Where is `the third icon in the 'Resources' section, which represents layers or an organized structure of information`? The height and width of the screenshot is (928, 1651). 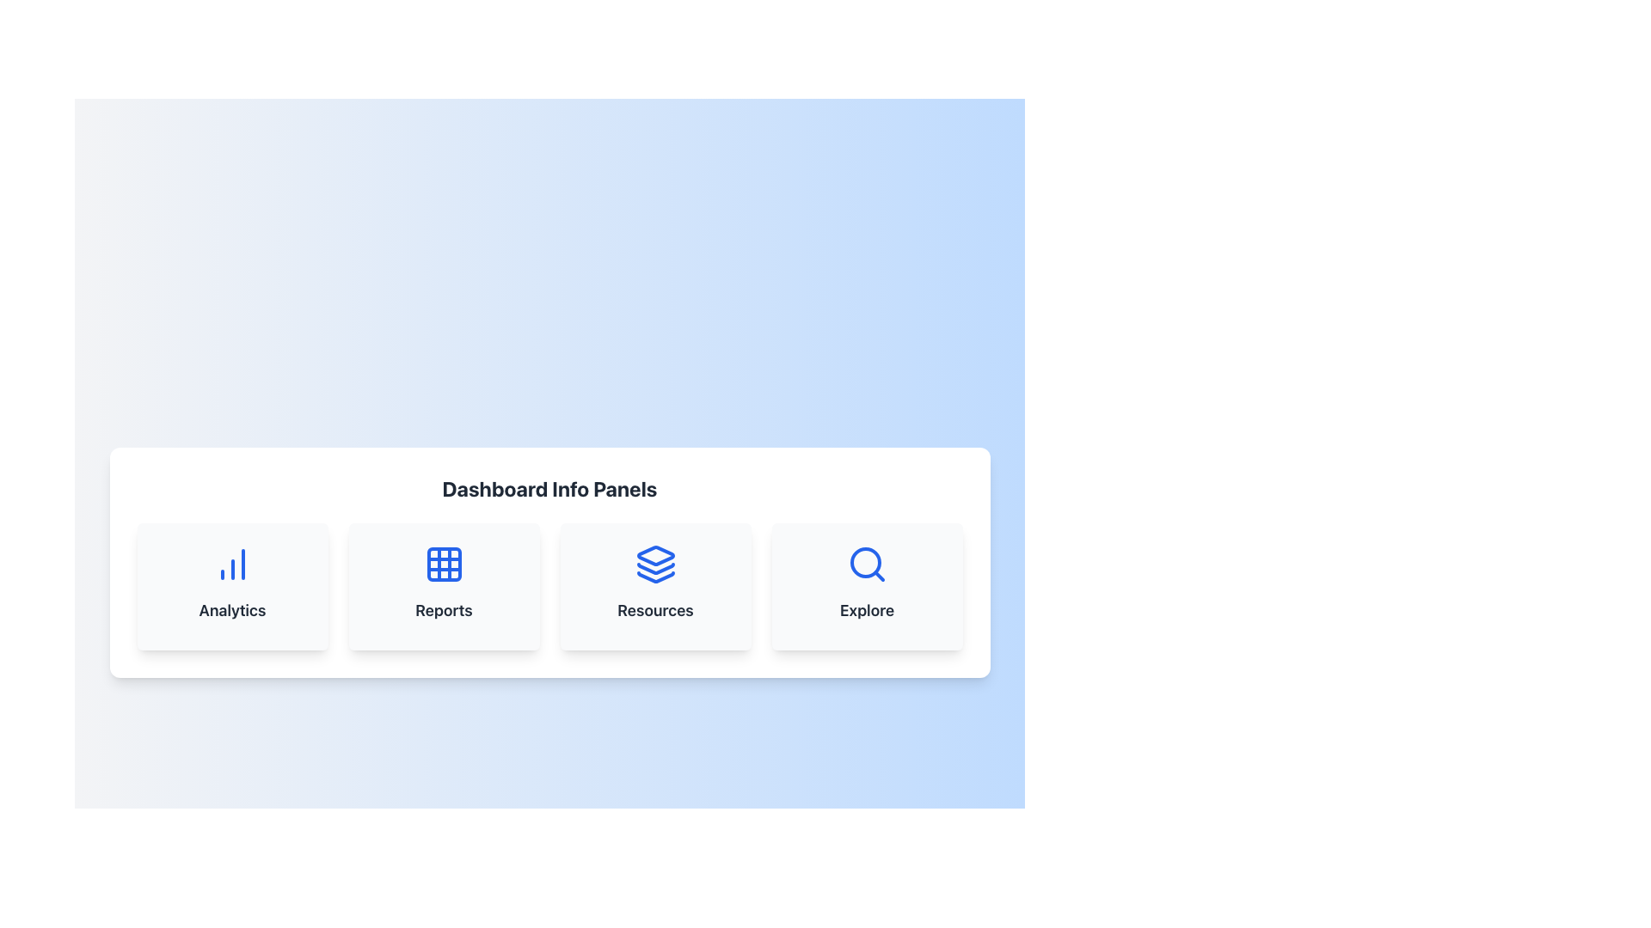
the third icon in the 'Resources' section, which represents layers or an organized structure of information is located at coordinates (654, 577).